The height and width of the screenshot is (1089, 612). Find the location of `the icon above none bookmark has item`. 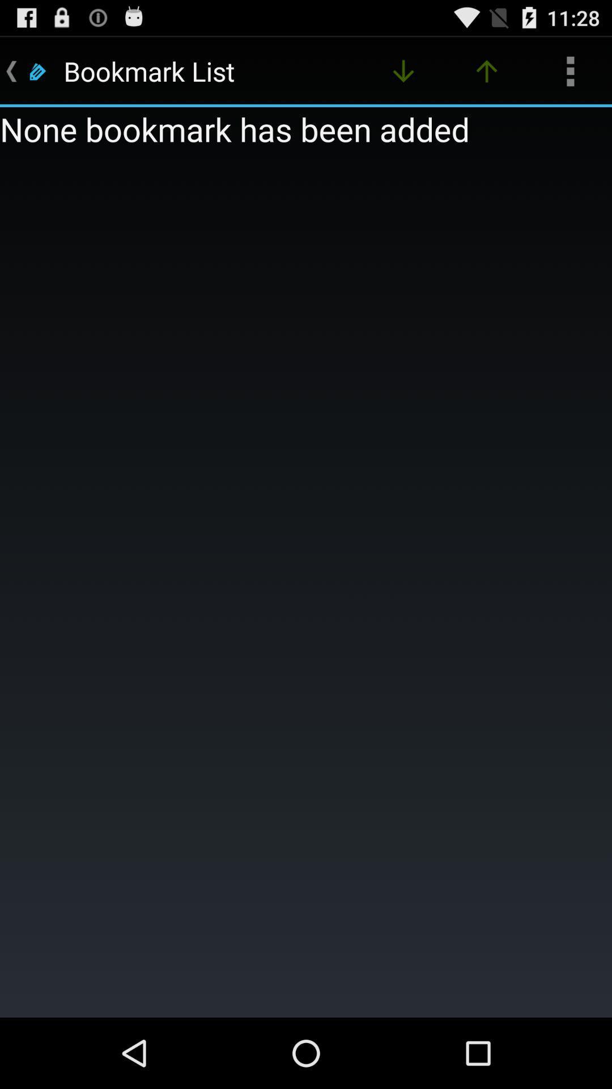

the icon above none bookmark has item is located at coordinates (486, 70).